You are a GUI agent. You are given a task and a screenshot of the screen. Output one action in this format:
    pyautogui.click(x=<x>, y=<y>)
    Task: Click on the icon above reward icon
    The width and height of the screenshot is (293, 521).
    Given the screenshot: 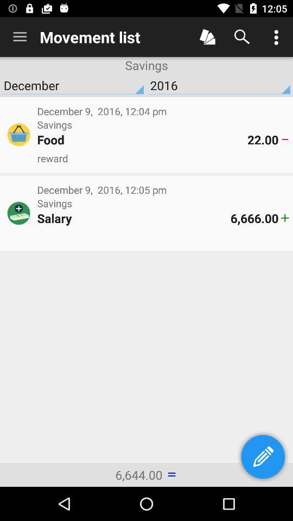 What is the action you would take?
    pyautogui.click(x=142, y=139)
    